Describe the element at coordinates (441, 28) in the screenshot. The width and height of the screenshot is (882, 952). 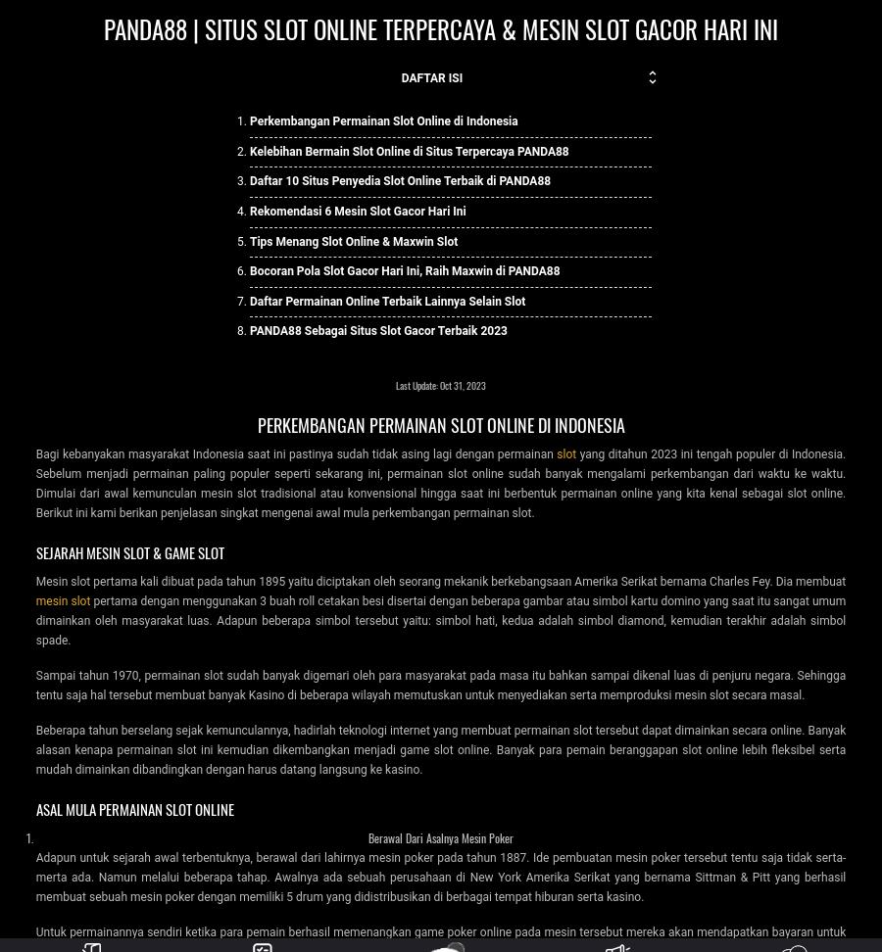
I see `'PANDA88 | Situs Slot Online Terpercaya & Mesin Slot Gacor Hari Ini'` at that location.